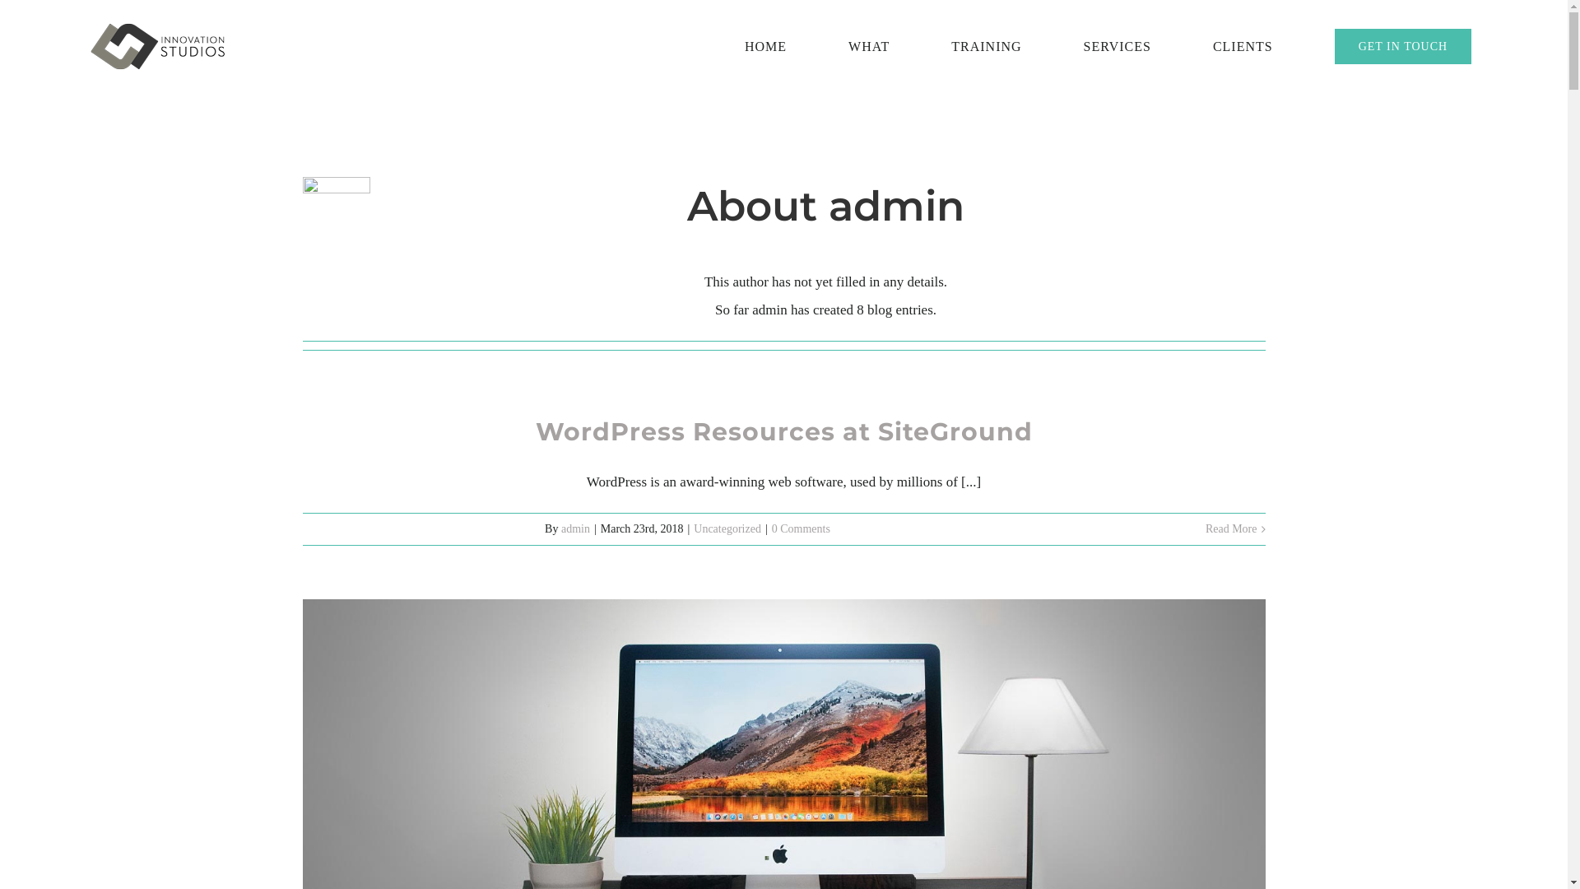  I want to click on 'admin', so click(575, 528).